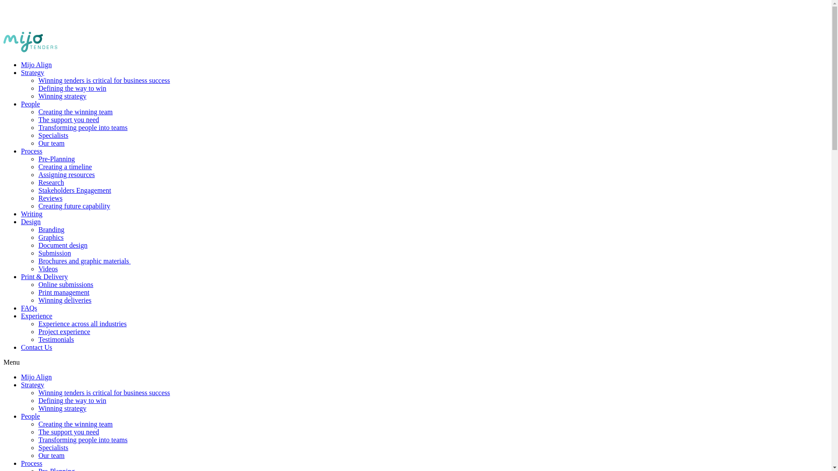  Describe the element at coordinates (38, 206) in the screenshot. I see `'Creating future capability'` at that location.